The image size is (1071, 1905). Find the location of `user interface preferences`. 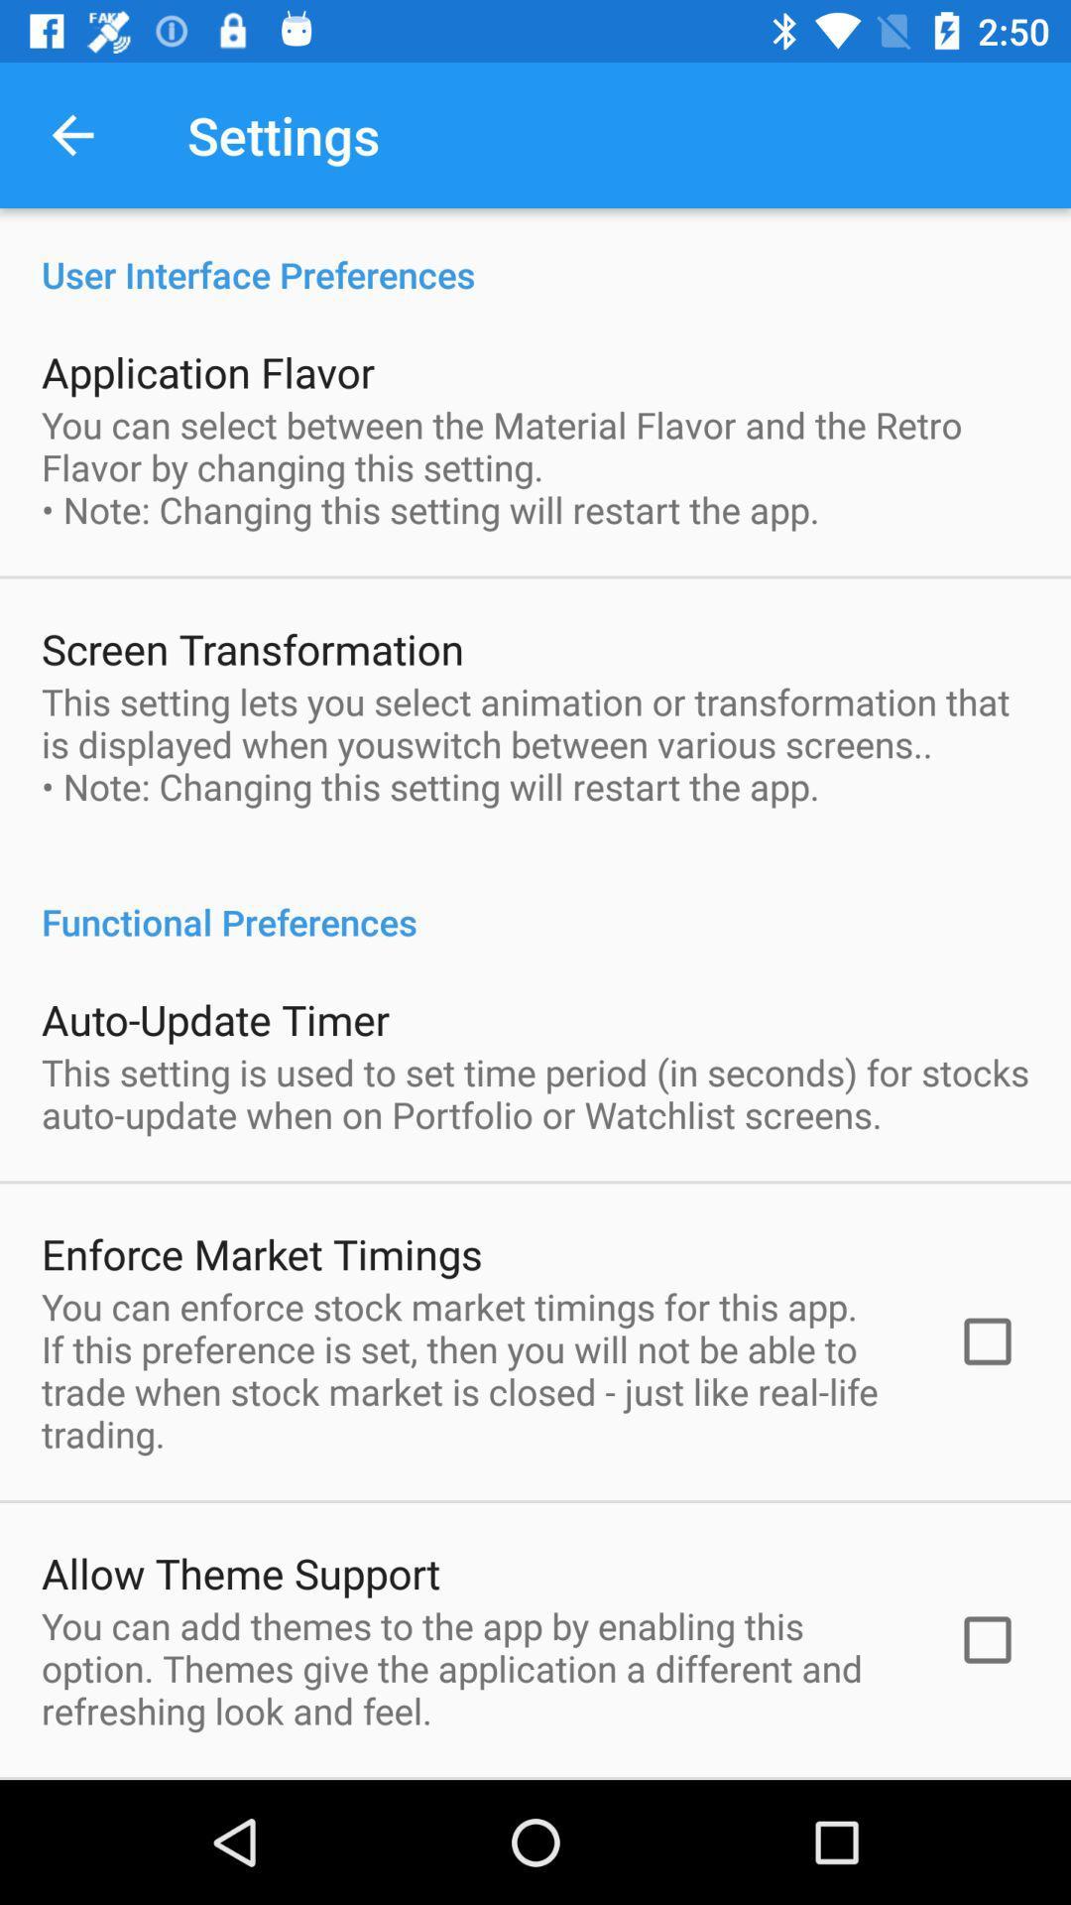

user interface preferences is located at coordinates (535, 252).